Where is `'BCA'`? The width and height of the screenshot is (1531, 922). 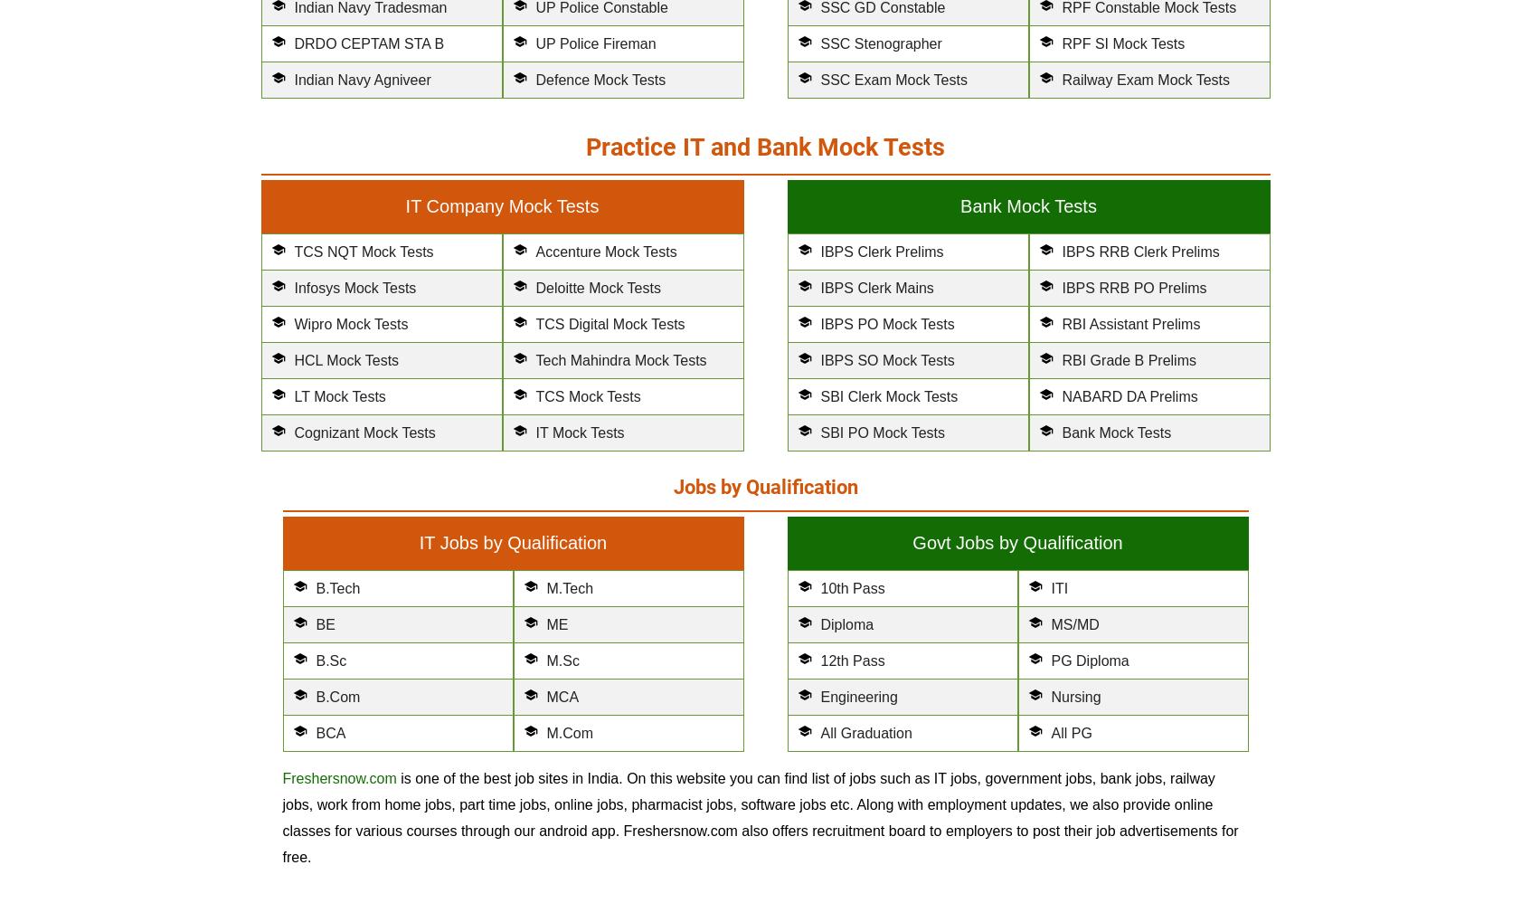 'BCA' is located at coordinates (330, 733).